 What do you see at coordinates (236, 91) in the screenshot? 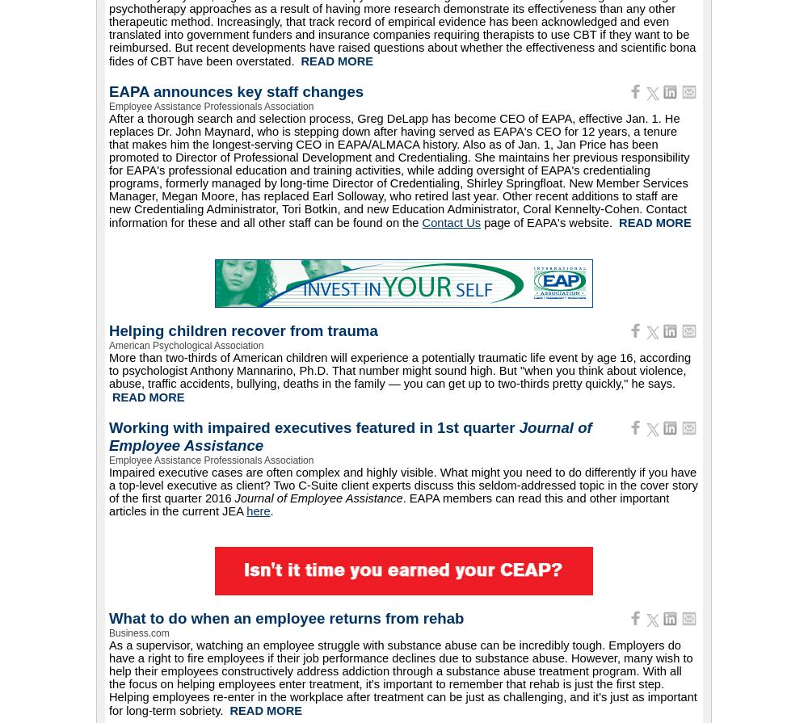
I see `'EAPA announces key staff changes'` at bounding box center [236, 91].